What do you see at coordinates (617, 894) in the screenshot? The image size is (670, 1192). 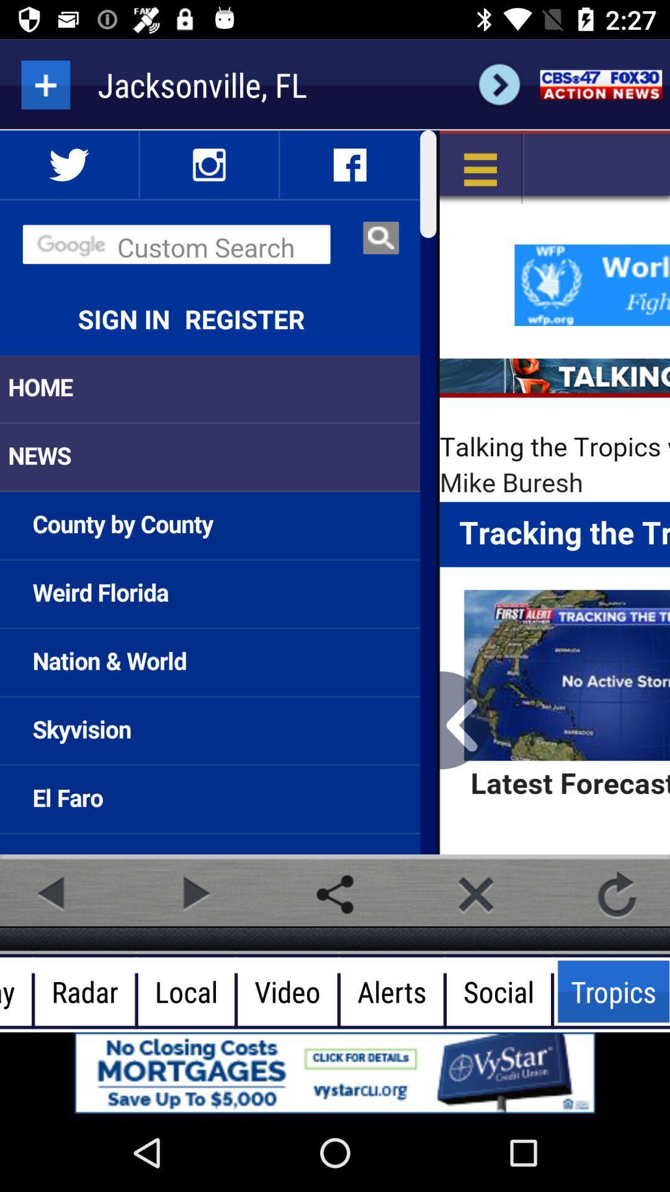 I see `the refresh icon` at bounding box center [617, 894].